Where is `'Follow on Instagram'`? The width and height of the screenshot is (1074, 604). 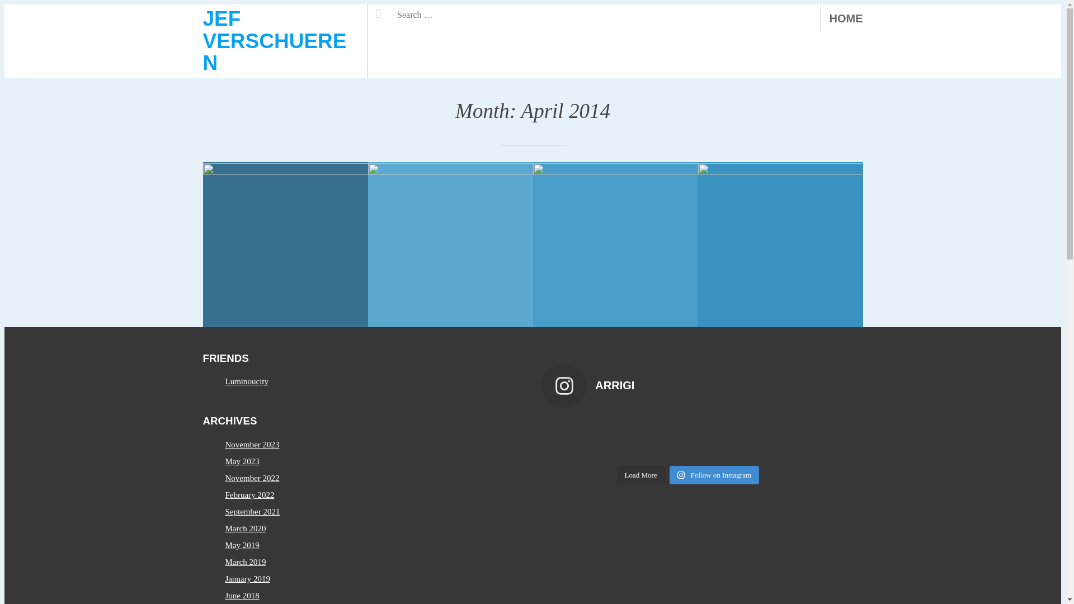
'Follow on Instagram' is located at coordinates (713, 475).